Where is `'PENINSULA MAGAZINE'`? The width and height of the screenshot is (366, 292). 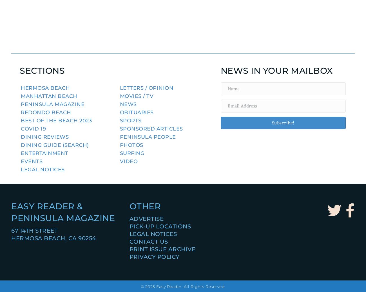 'PENINSULA MAGAZINE' is located at coordinates (63, 218).